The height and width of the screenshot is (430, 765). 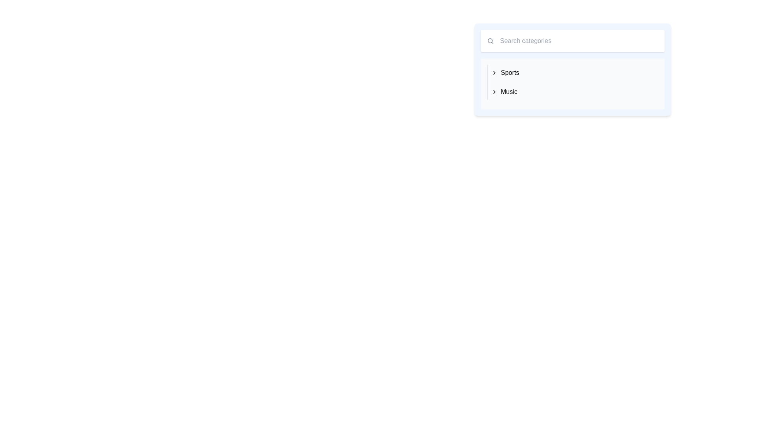 What do you see at coordinates (508, 92) in the screenshot?
I see `the 'Music' text label, which is located to the right of a small arrow icon and below the 'Sports' item in the 'Search categories' section` at bounding box center [508, 92].